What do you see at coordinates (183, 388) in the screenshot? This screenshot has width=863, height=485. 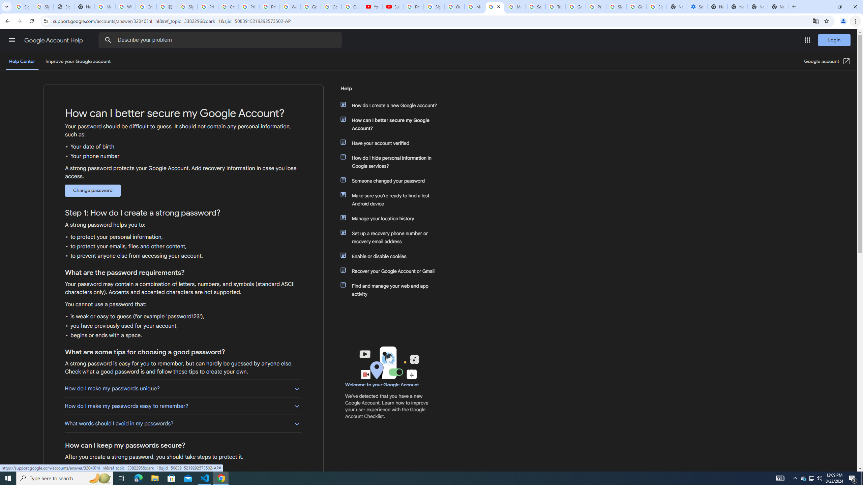 I see `'How do I make my passwords unique?'` at bounding box center [183, 388].